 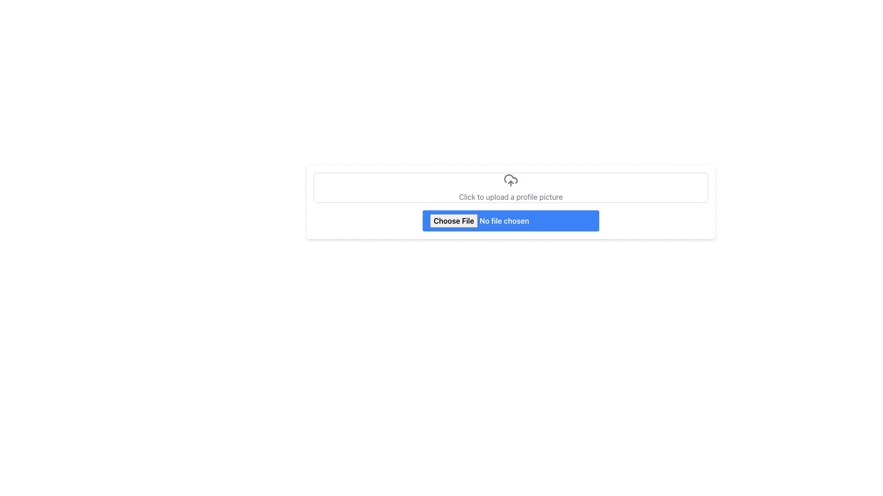 I want to click on the upload icon styled as a cloud with an upward arrow, which is positioned centrally above the 'Click to upload a profile picture' text, so click(x=510, y=180).